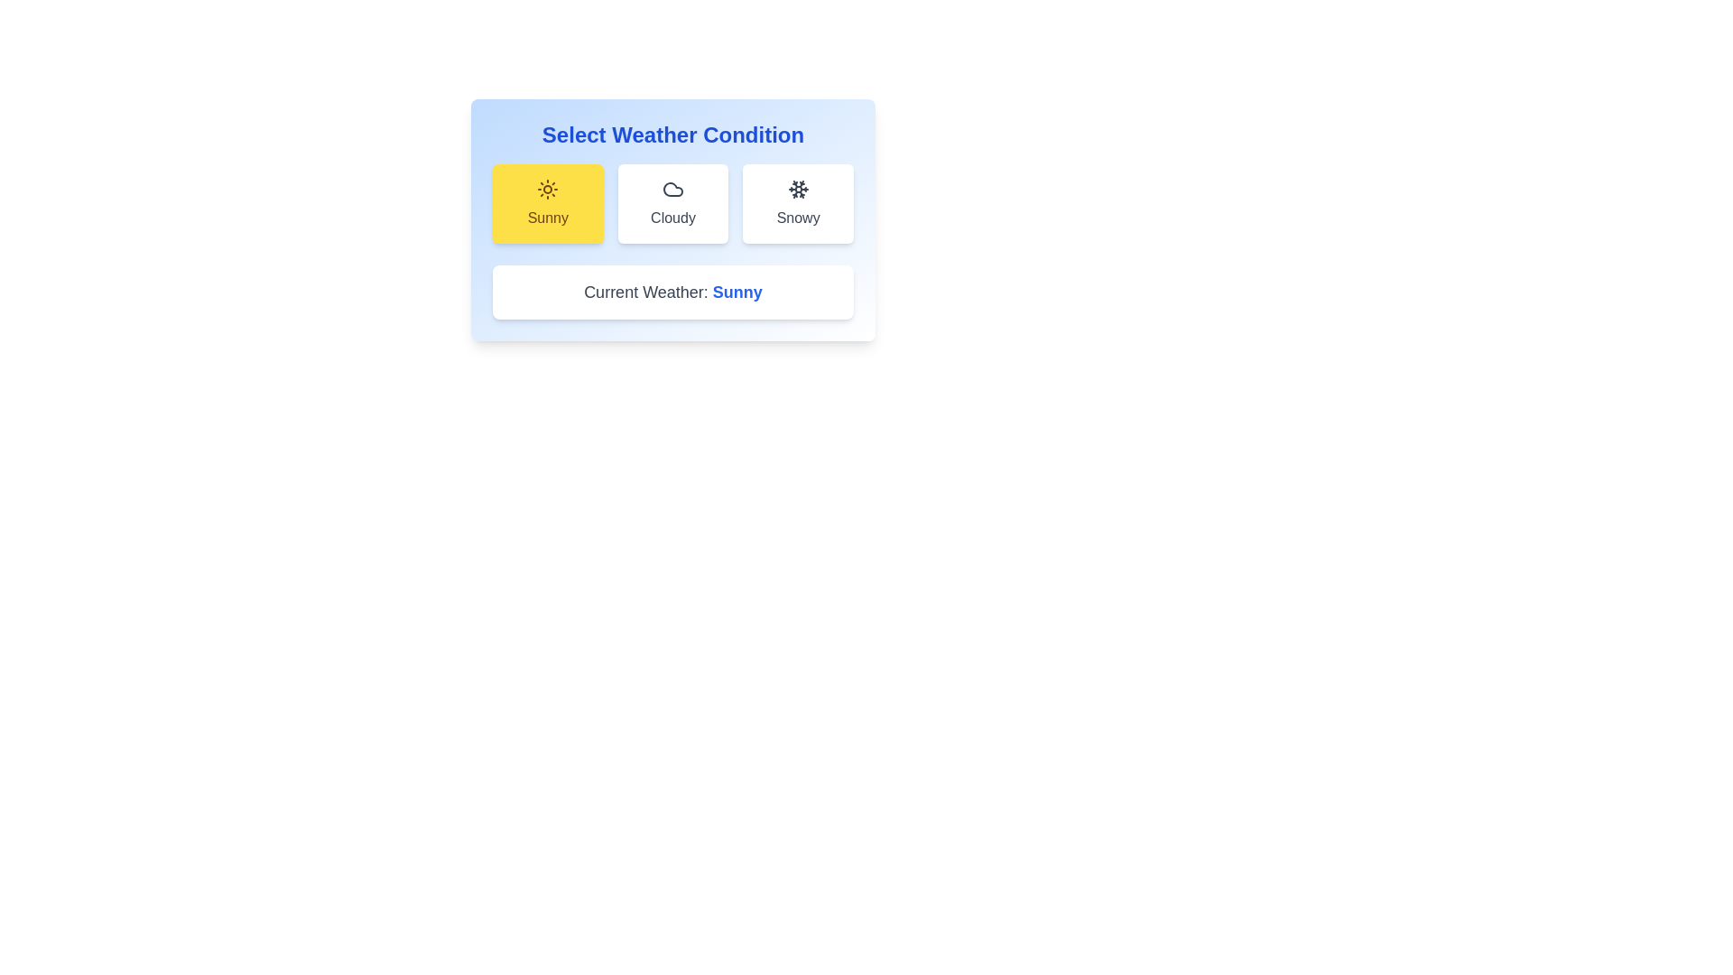  Describe the element at coordinates (797, 203) in the screenshot. I see `the 'Snowy' weather condition card, which is the third card in a horizontal layout located in the top-right section of the interface` at that location.